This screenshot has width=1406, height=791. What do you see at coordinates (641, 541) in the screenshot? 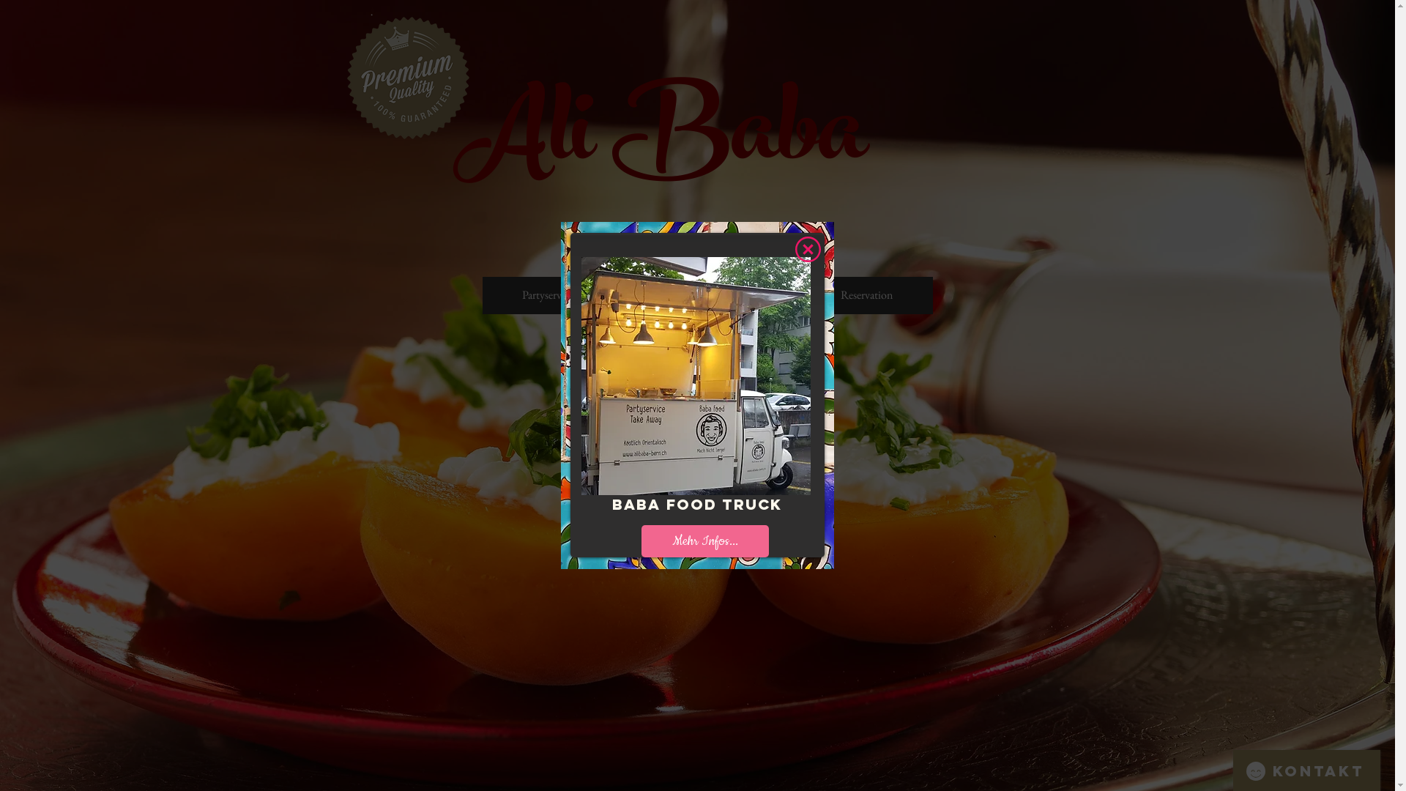
I see `'Mehr Infos...'` at bounding box center [641, 541].